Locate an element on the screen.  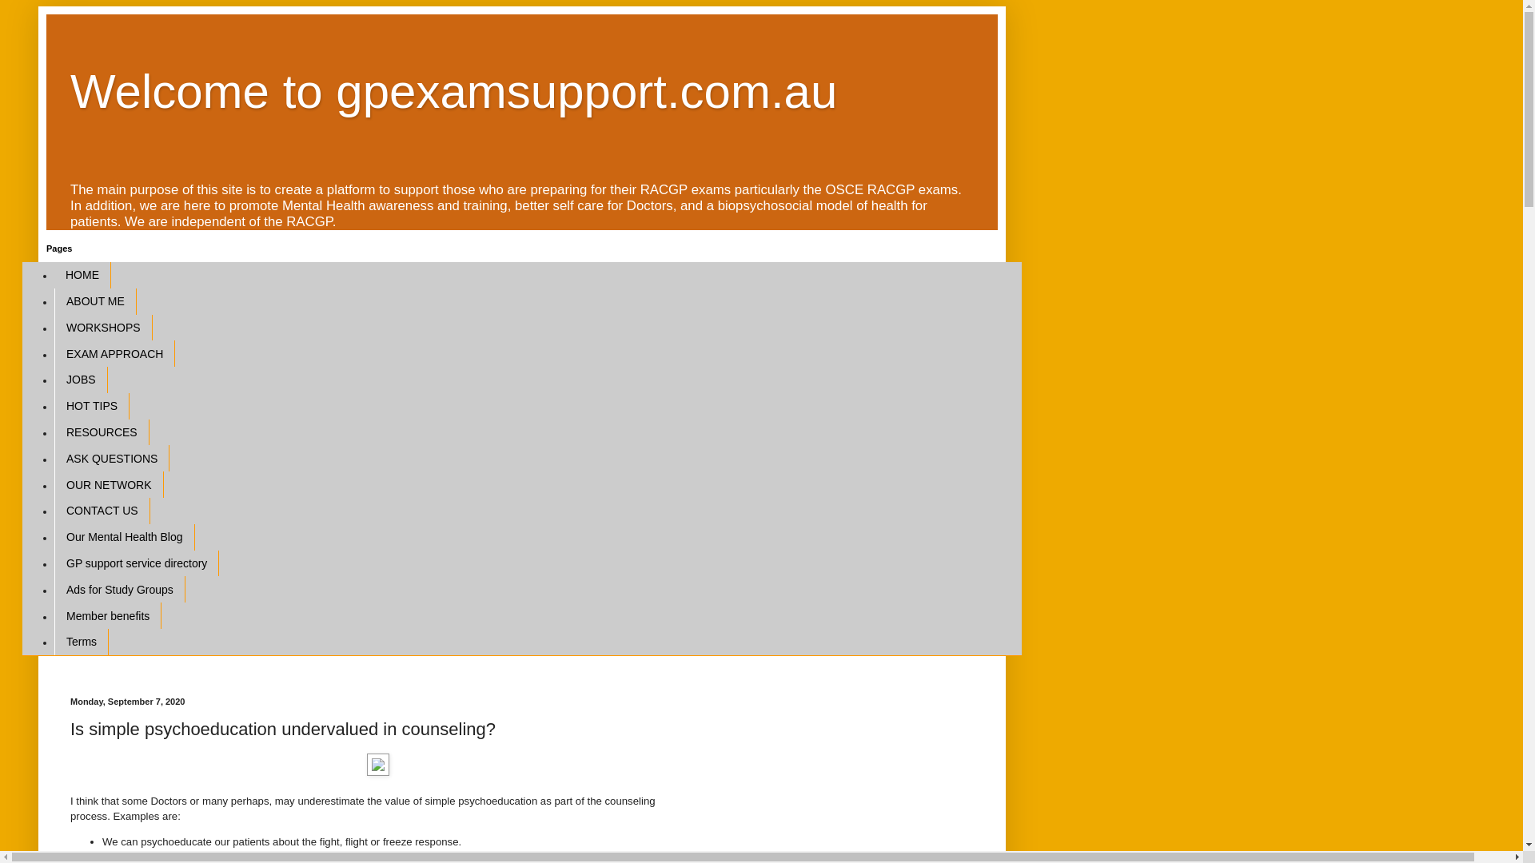
'EXAM APPROACH' is located at coordinates (114, 352).